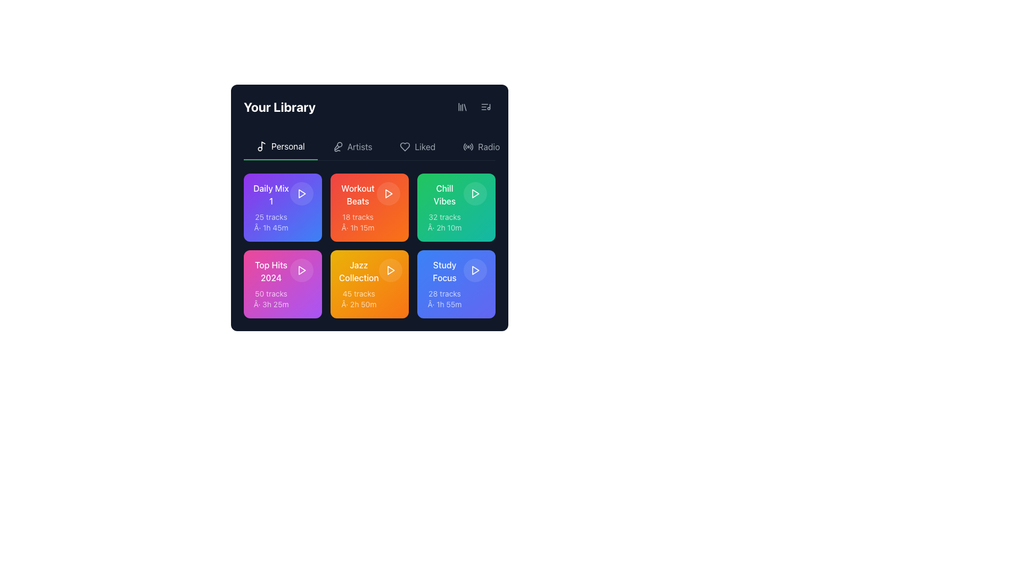 This screenshot has height=575, width=1022. I want to click on the 'Artists' icon in the navigation bar, so click(337, 147).